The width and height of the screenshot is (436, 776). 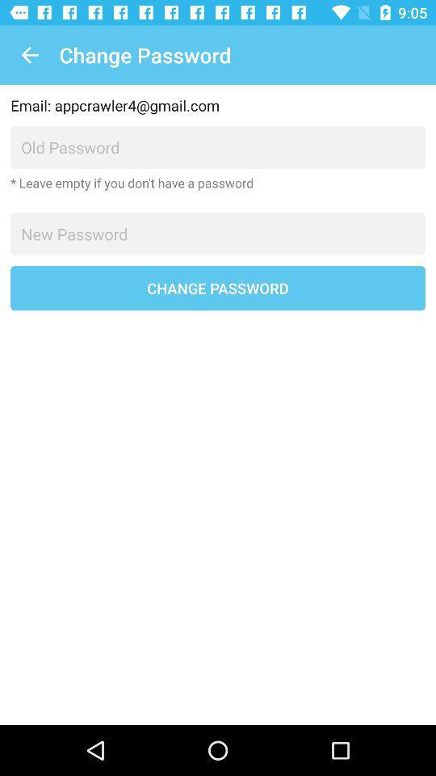 What do you see at coordinates (218, 147) in the screenshot?
I see `old password box` at bounding box center [218, 147].